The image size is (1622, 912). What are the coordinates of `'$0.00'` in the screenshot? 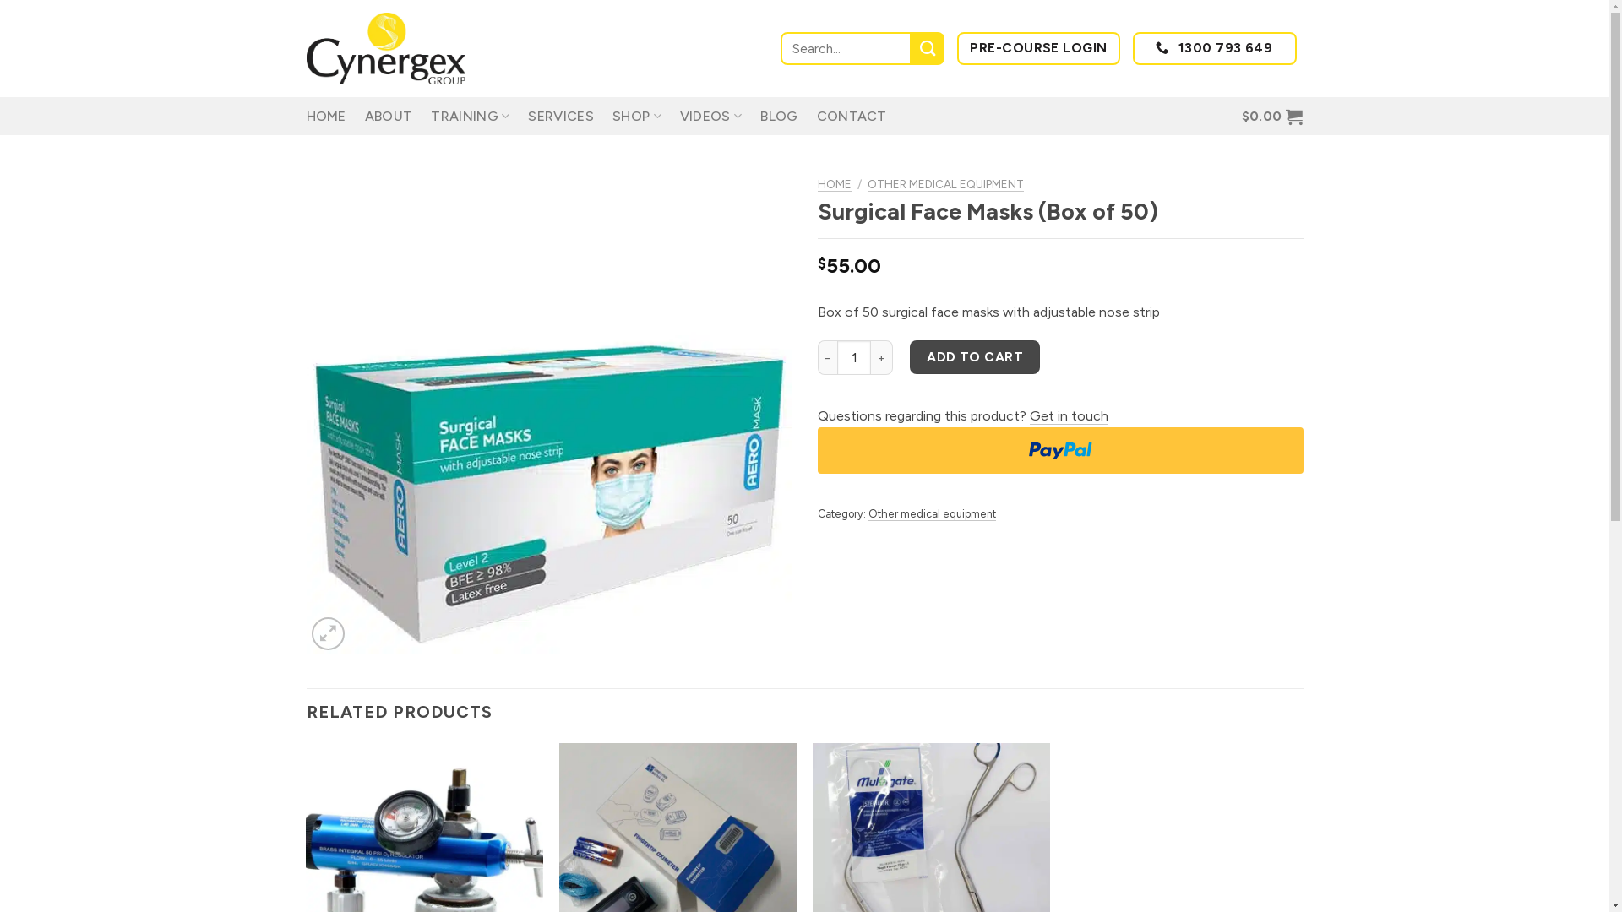 It's located at (1272, 116).